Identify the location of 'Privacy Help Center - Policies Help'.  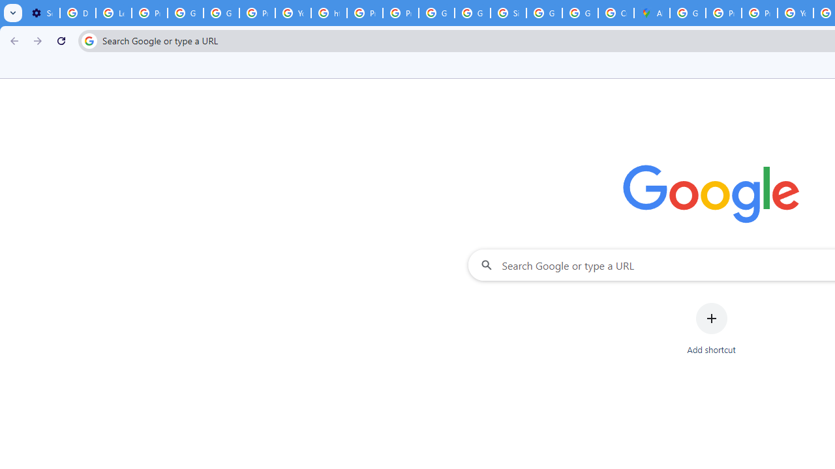
(723, 13).